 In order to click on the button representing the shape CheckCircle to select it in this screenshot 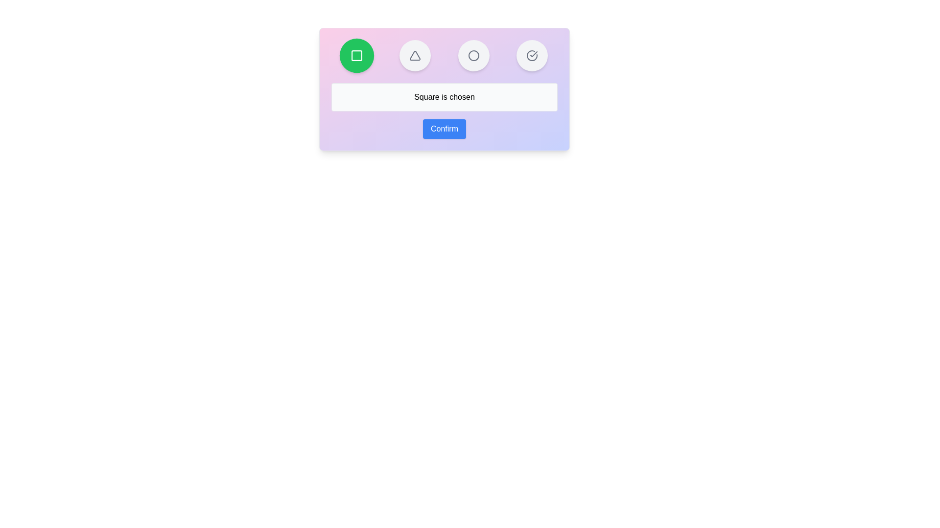, I will do `click(532, 56)`.